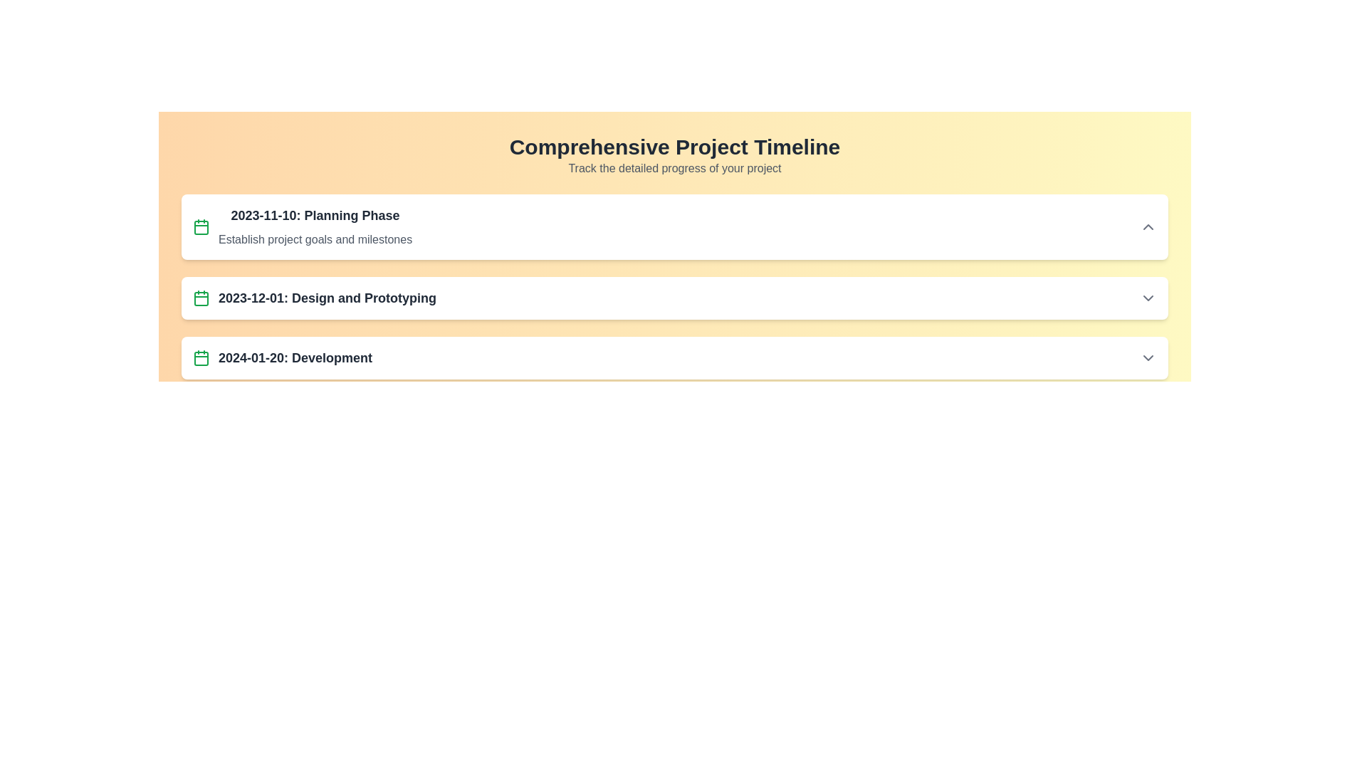 The height and width of the screenshot is (769, 1367). I want to click on header text 'Comprehensive Project Timeline' located centrally in the gradient background header area of the page, so click(674, 156).